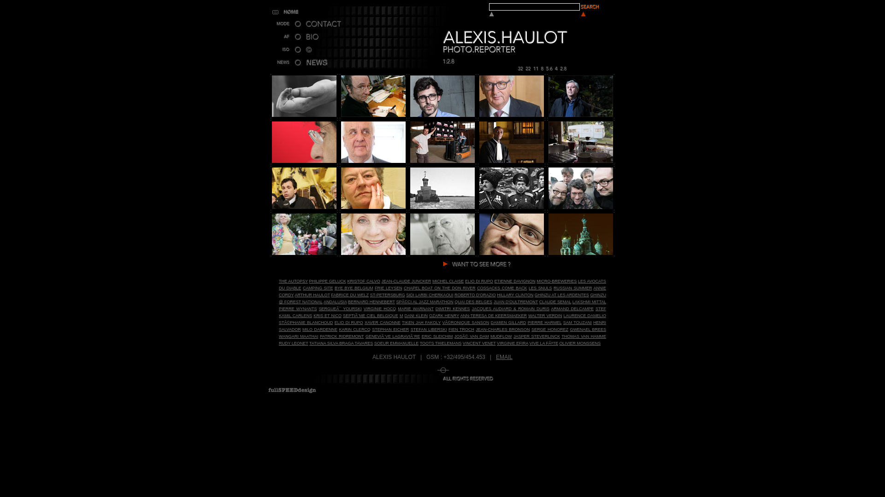 The height and width of the screenshot is (497, 885). Describe the element at coordinates (587, 329) in the screenshot. I see `'GWENAEL BREES'` at that location.